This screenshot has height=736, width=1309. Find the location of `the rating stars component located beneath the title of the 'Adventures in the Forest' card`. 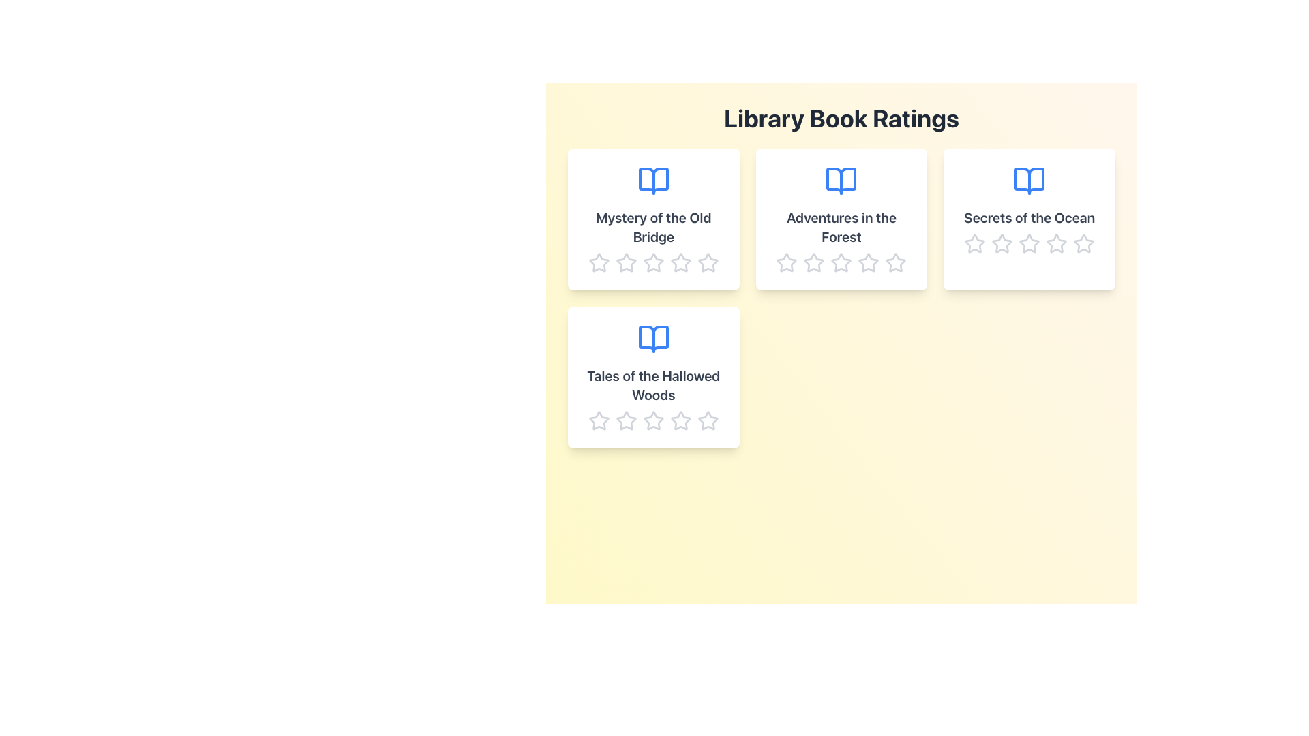

the rating stars component located beneath the title of the 'Adventures in the Forest' card is located at coordinates (841, 262).